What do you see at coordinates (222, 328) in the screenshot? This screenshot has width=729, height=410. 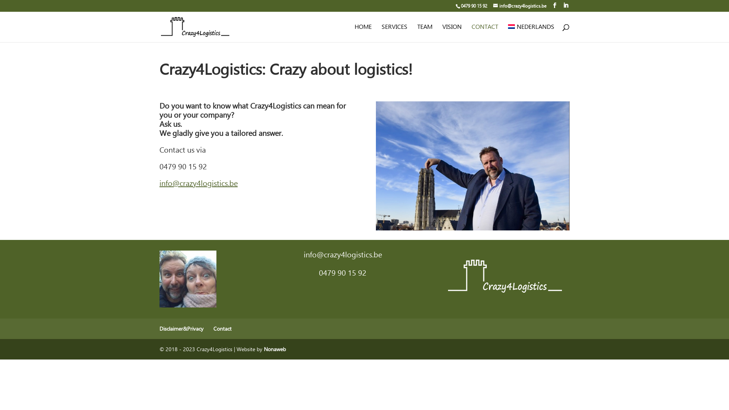 I see `'Contact'` at bounding box center [222, 328].